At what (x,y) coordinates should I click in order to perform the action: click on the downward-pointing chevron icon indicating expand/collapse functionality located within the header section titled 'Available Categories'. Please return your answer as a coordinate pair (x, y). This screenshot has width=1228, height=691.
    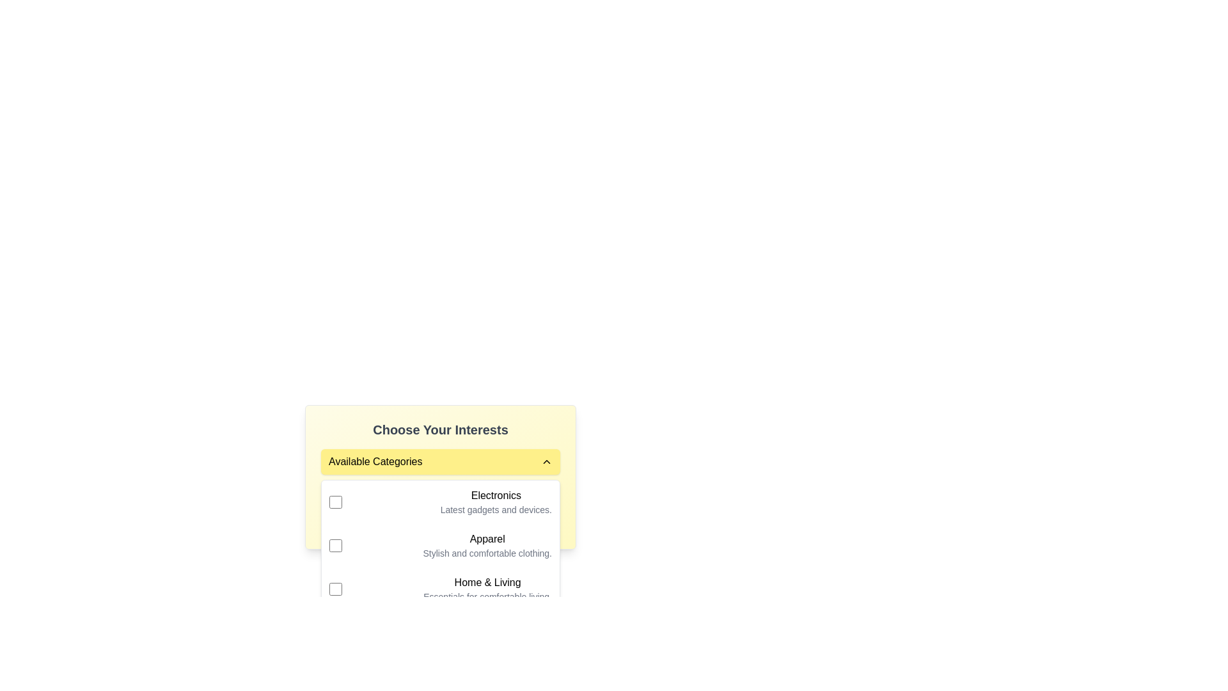
    Looking at the image, I should click on (546, 461).